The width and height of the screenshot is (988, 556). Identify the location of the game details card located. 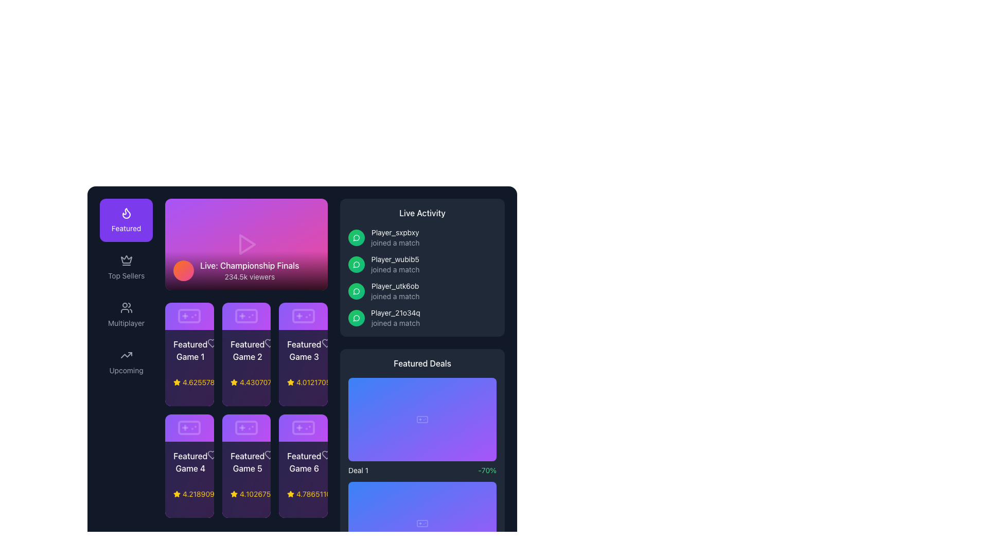
(303, 367).